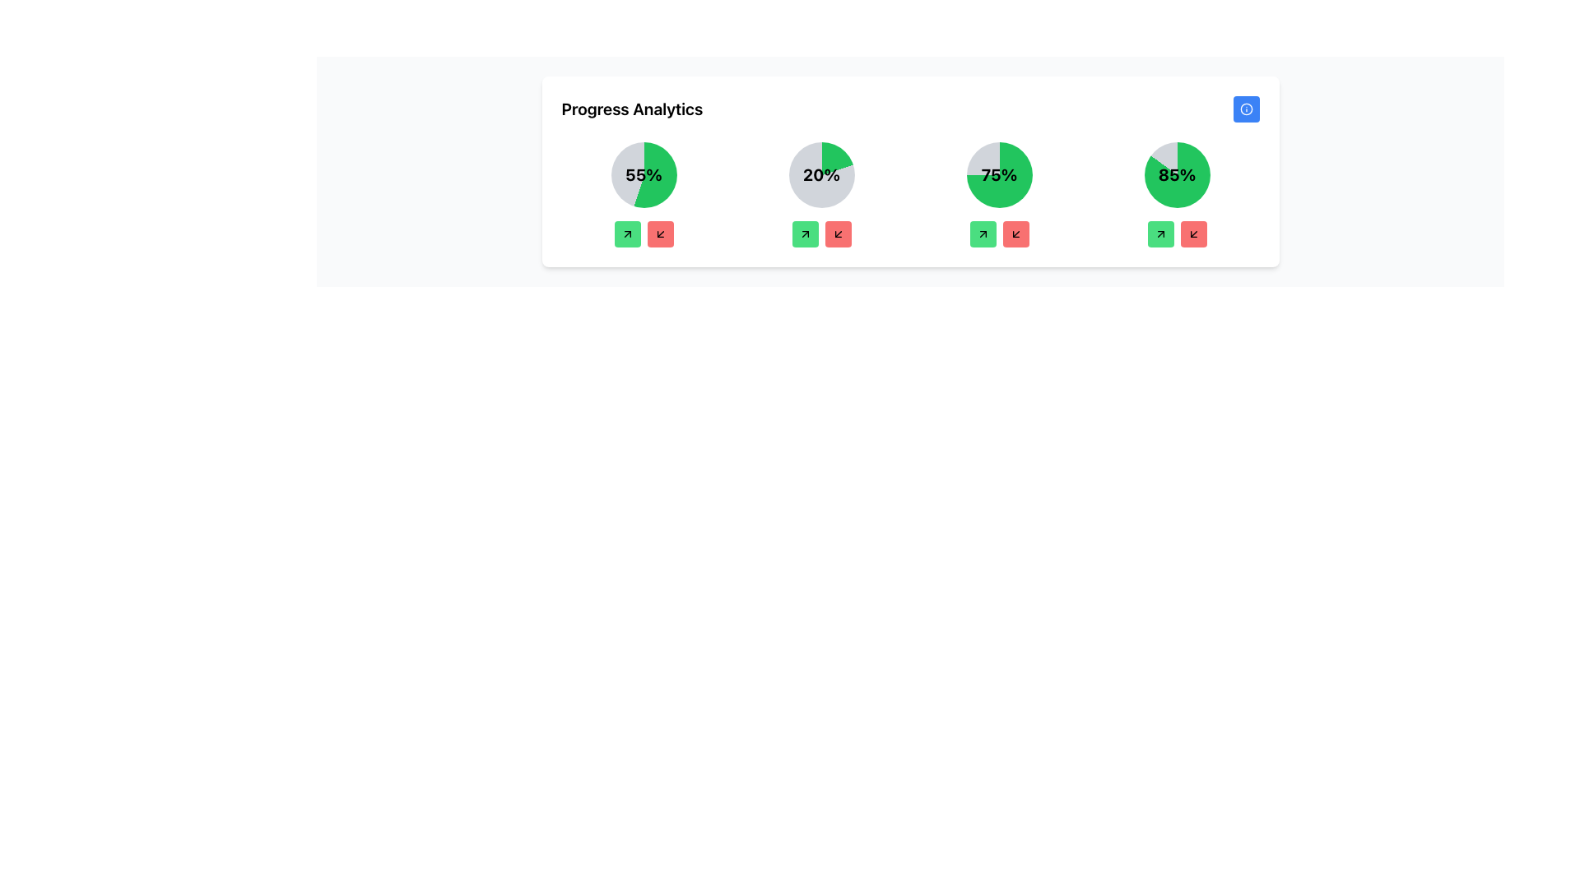  I want to click on the small down-left arrow icon within the red rounded rectangle button located below the third donut chart, so click(1015, 234).